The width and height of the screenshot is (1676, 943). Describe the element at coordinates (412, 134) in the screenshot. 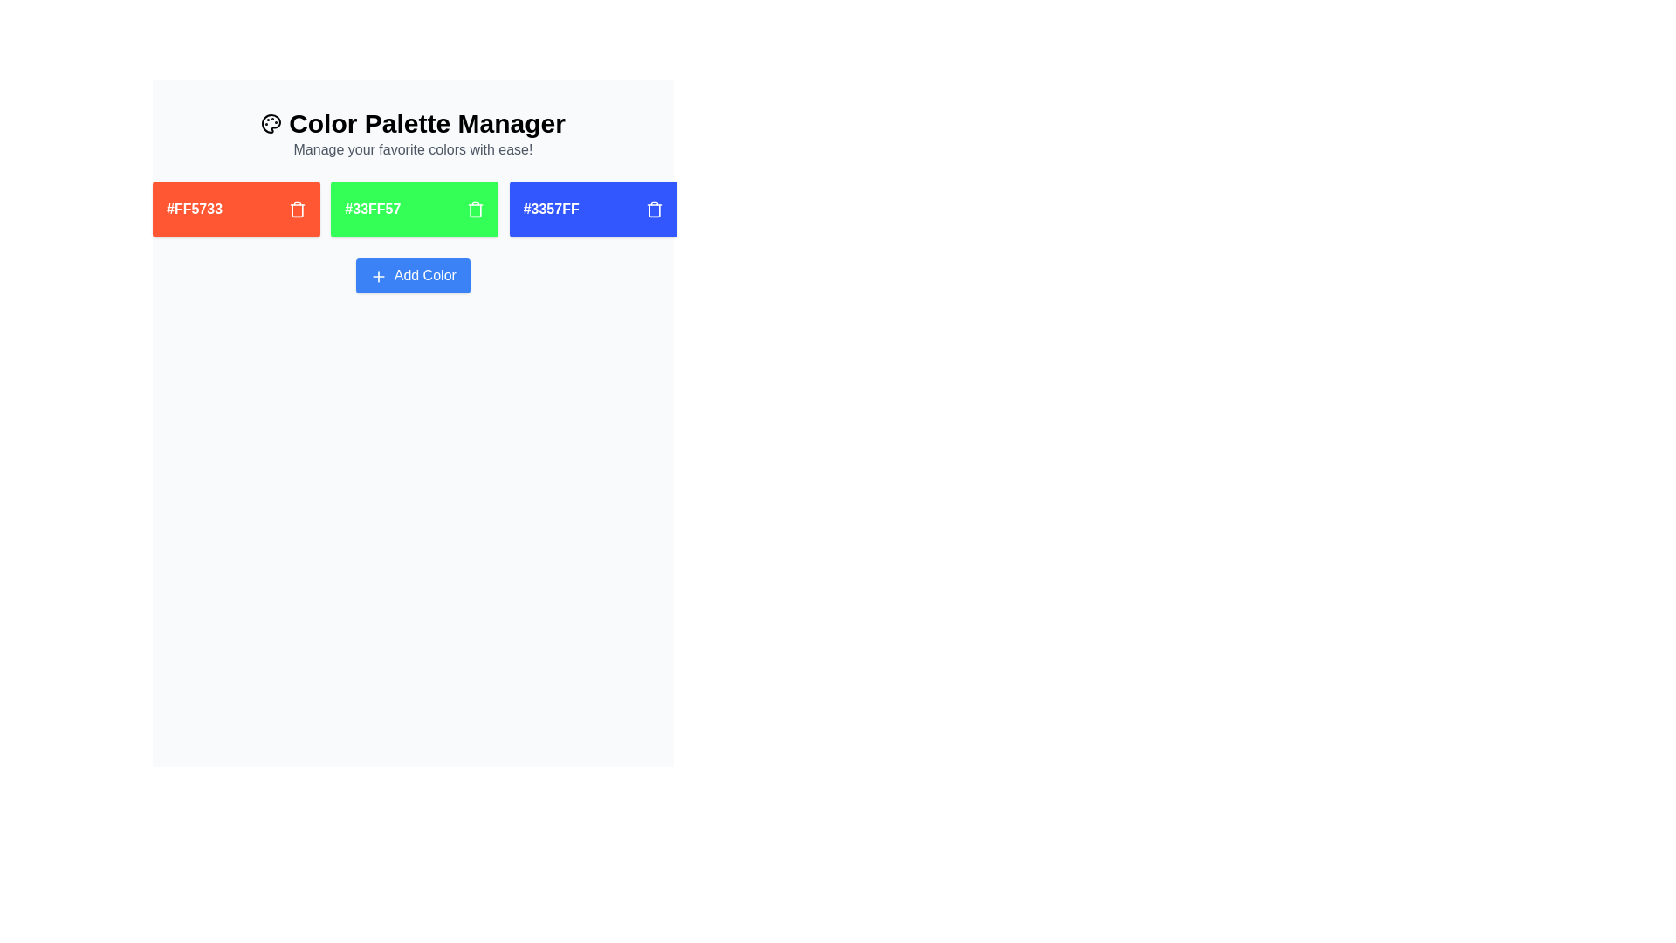

I see `the header element at the top-center of the interface` at that location.